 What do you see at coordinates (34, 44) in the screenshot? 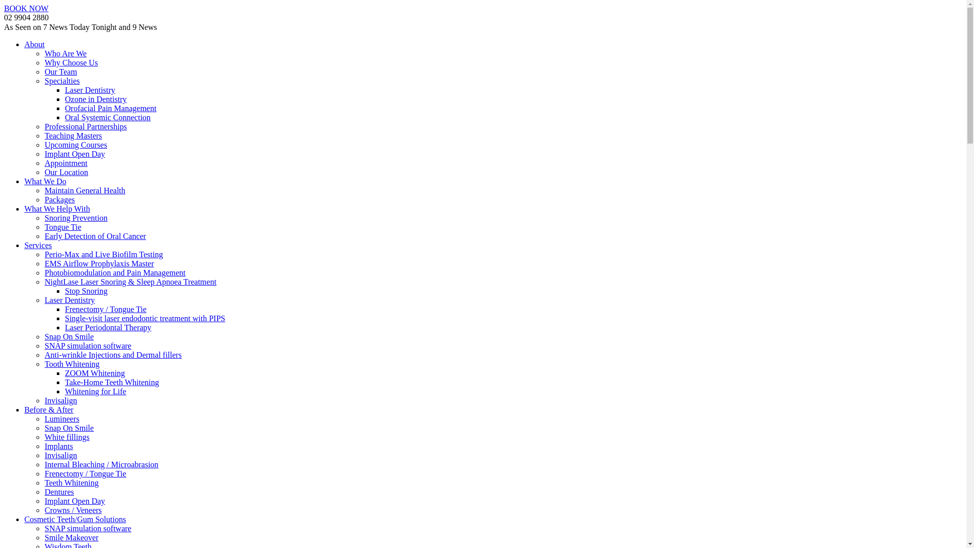
I see `'About'` at bounding box center [34, 44].